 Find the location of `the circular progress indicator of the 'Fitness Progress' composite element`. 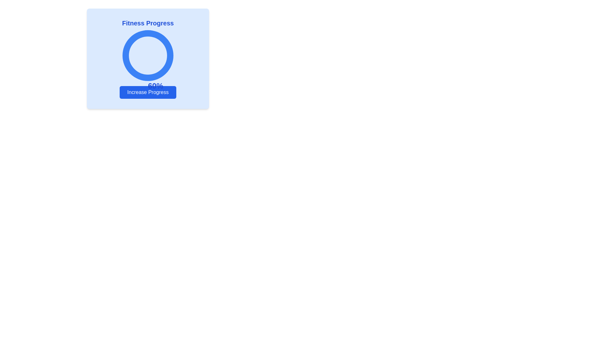

the circular progress indicator of the 'Fitness Progress' composite element is located at coordinates (148, 59).